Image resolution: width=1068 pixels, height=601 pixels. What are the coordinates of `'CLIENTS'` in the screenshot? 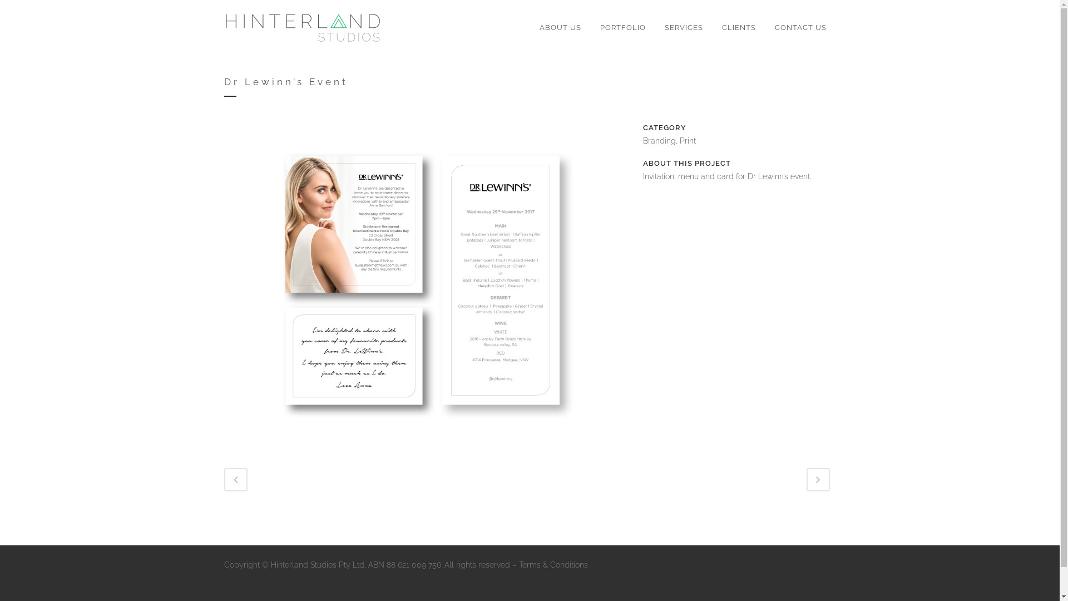 It's located at (738, 27).